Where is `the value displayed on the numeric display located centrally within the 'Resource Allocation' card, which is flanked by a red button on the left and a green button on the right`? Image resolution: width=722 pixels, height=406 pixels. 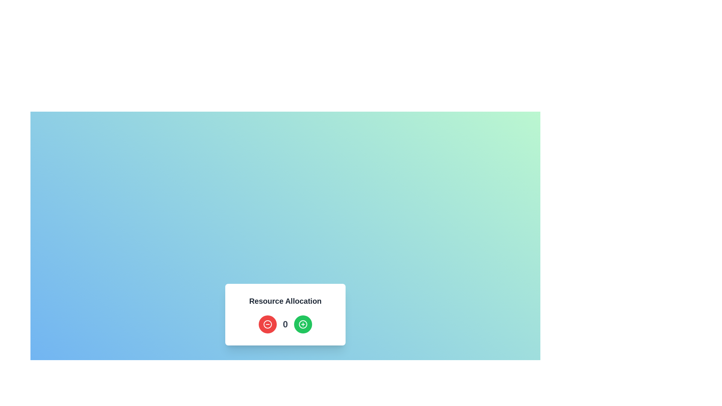
the value displayed on the numeric display located centrally within the 'Resource Allocation' card, which is flanked by a red button on the left and a green button on the right is located at coordinates (285, 324).